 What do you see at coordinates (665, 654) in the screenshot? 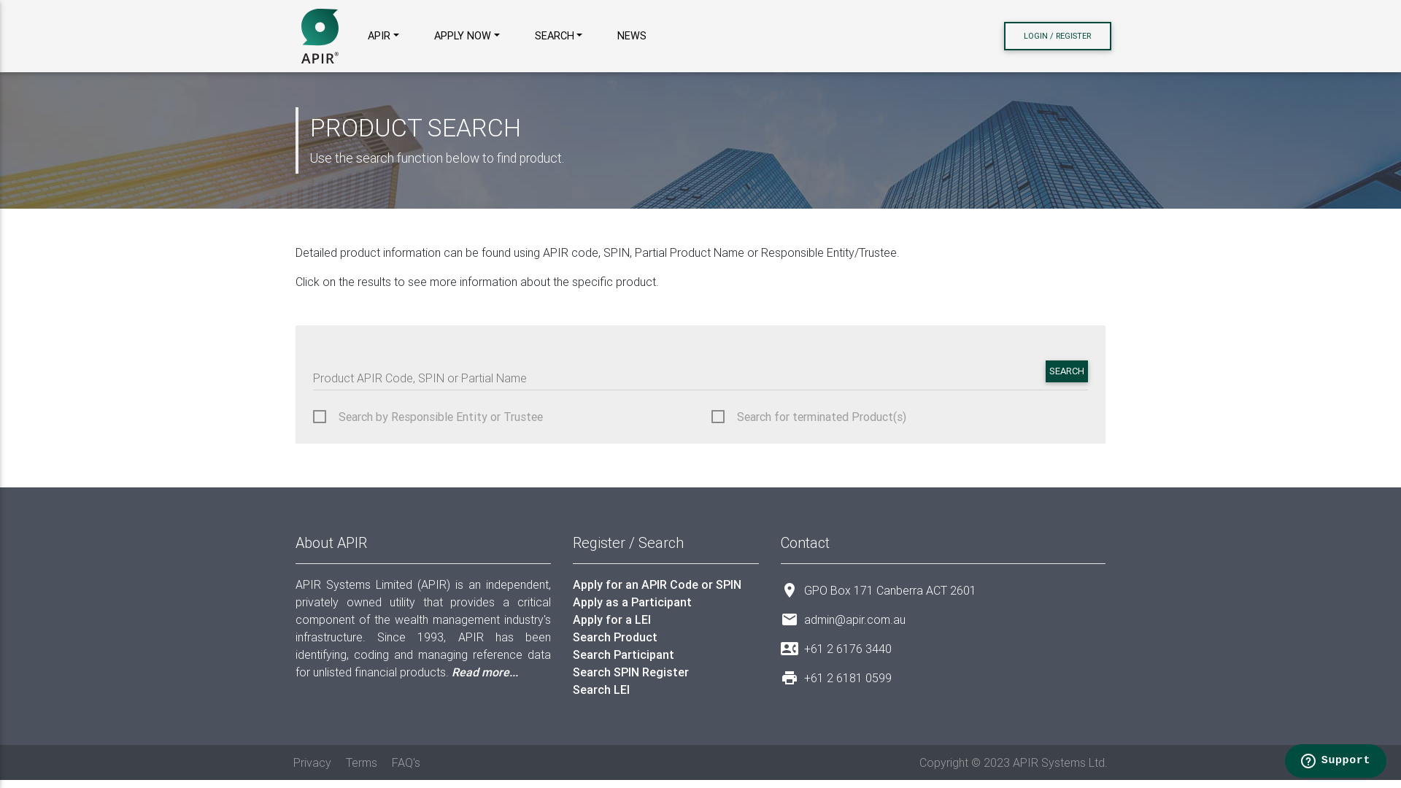
I see `'Search Participant'` at bounding box center [665, 654].